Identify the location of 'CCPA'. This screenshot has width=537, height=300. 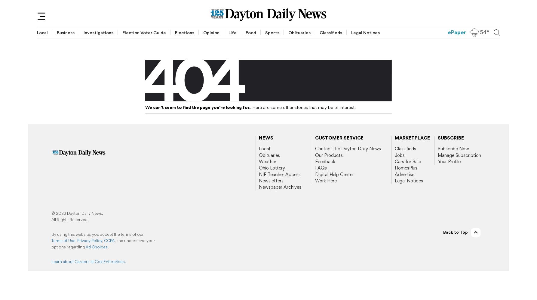
(109, 240).